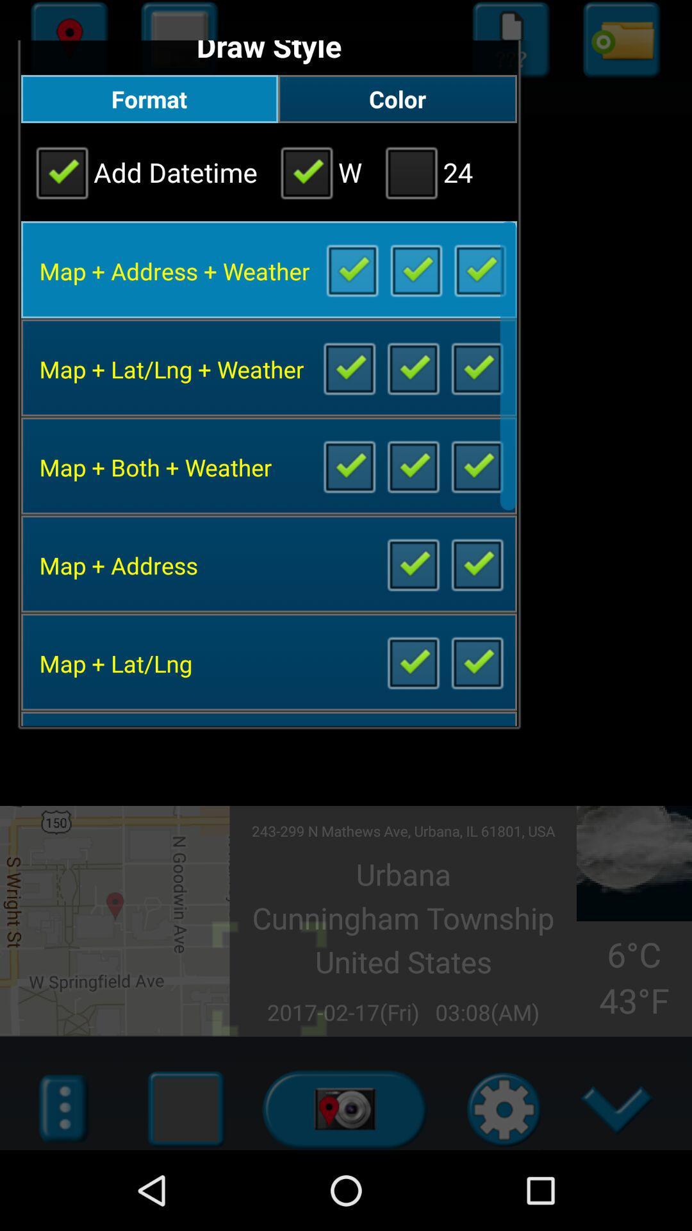 The width and height of the screenshot is (692, 1231). I want to click on option, so click(479, 269).